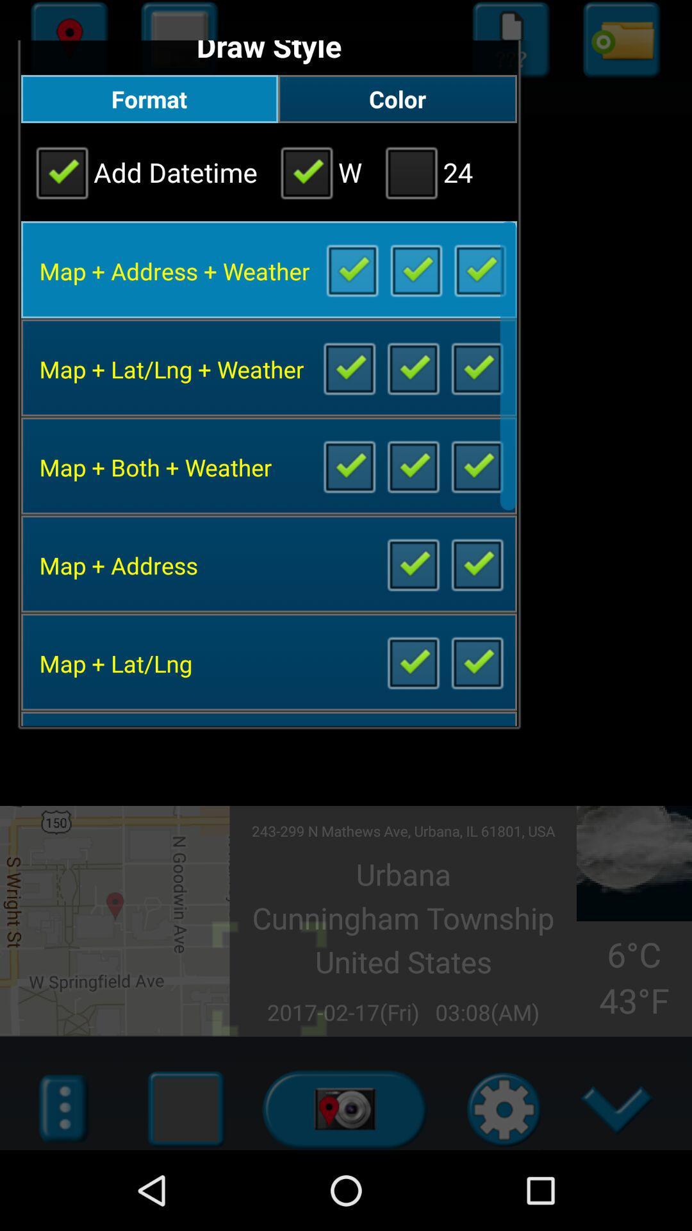 The width and height of the screenshot is (692, 1231). I want to click on option, so click(479, 269).